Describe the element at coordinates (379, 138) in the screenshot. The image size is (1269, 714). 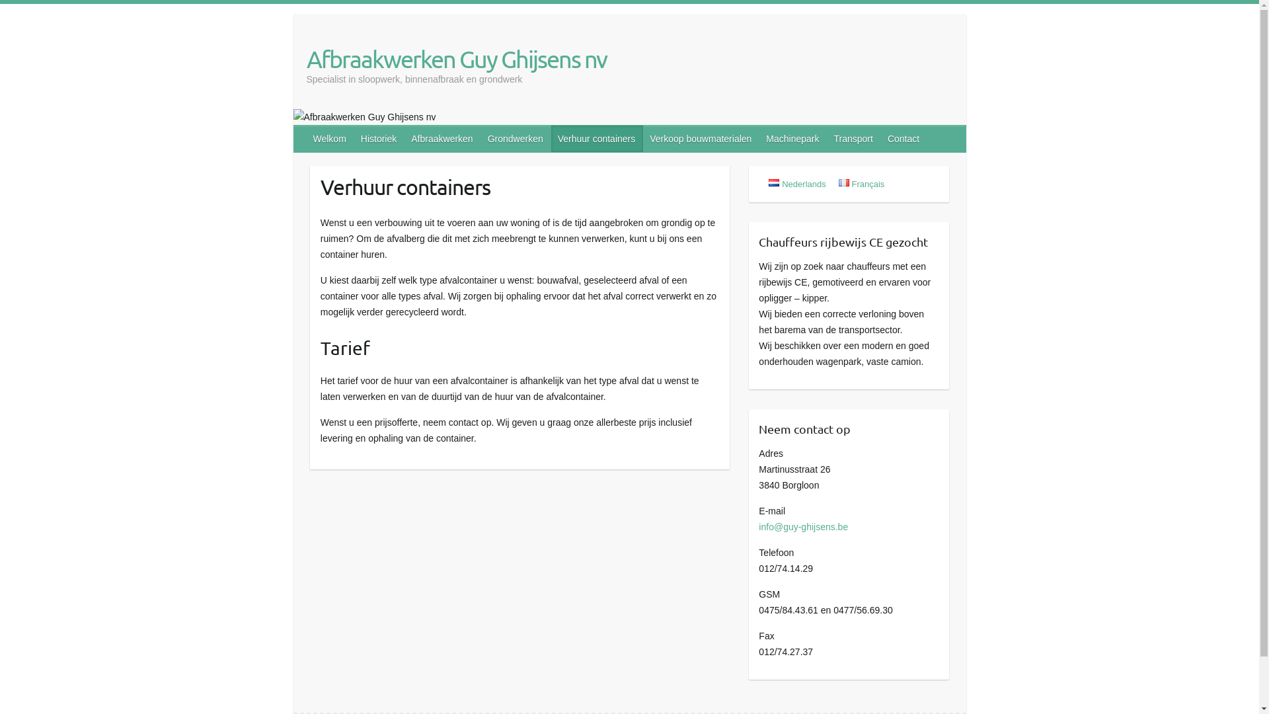
I see `'Historiek'` at that location.